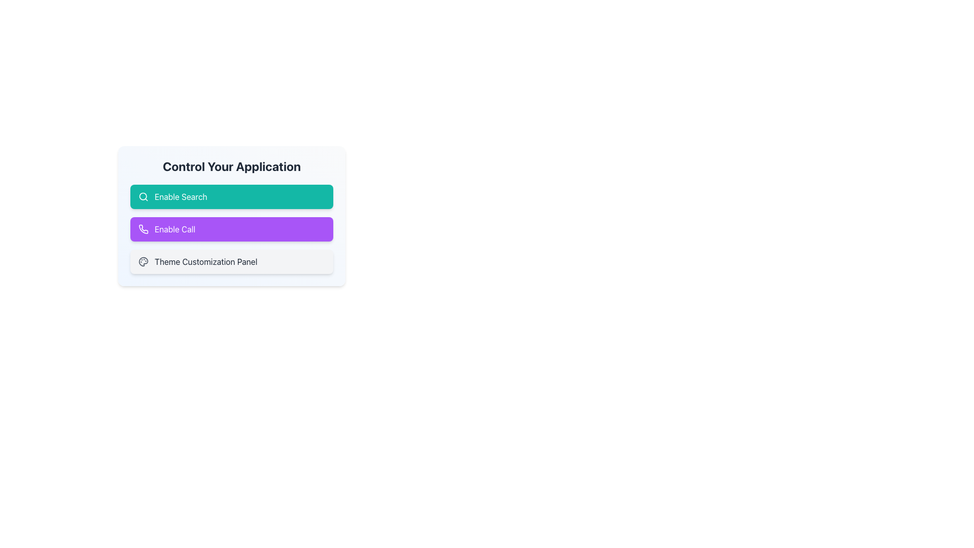 Image resolution: width=974 pixels, height=548 pixels. I want to click on the 'Theme Customization Panel' button, which is a rectangular button-like UI element with a light gray background and an icon of a painter's palette, located as the third item in a vertical list of options, so click(231, 261).